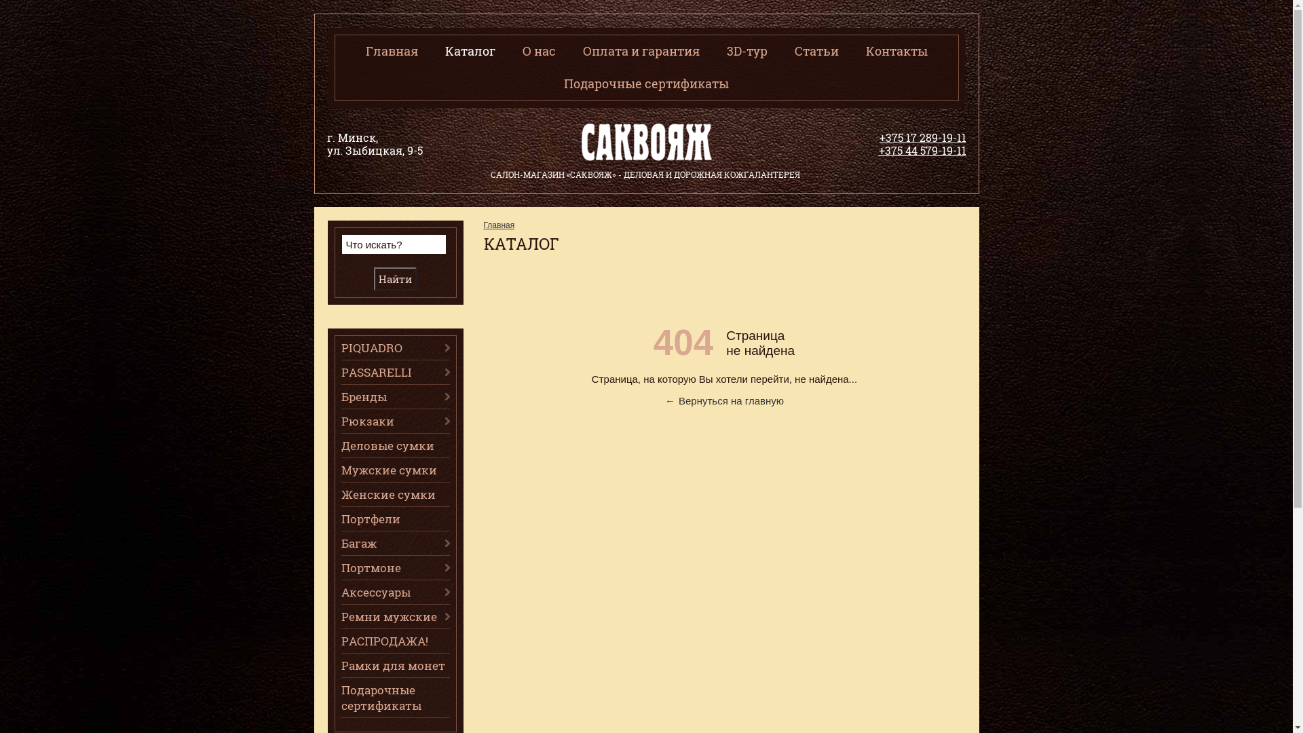 This screenshot has height=733, width=1303. I want to click on 'PASSARELLI', so click(394, 372).